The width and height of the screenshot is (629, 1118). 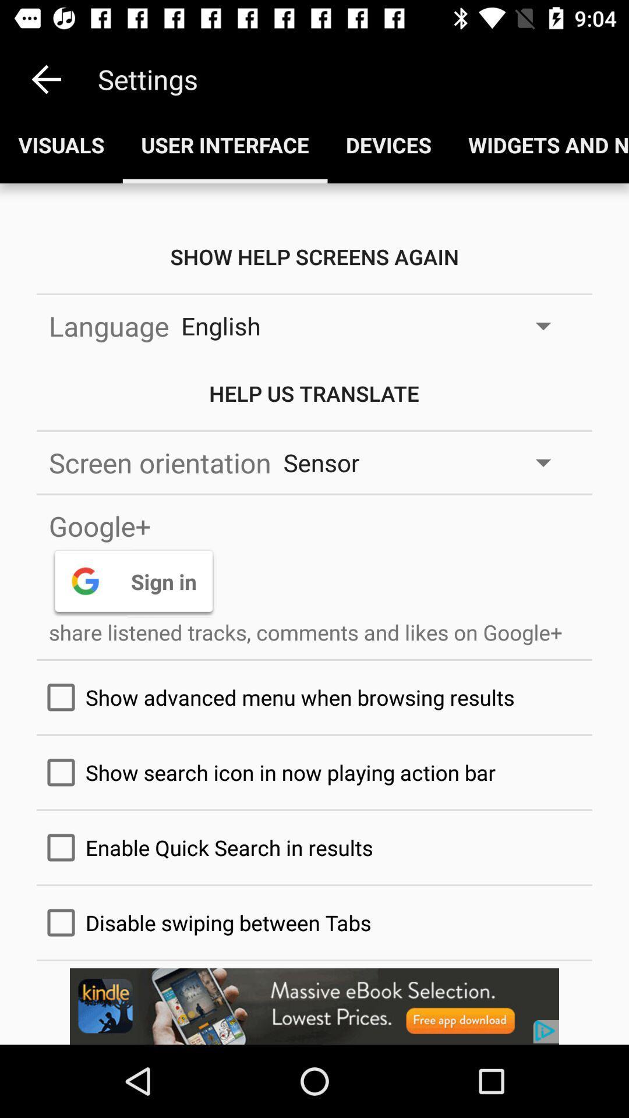 What do you see at coordinates (539, 144) in the screenshot?
I see `the fourth option below the settings` at bounding box center [539, 144].